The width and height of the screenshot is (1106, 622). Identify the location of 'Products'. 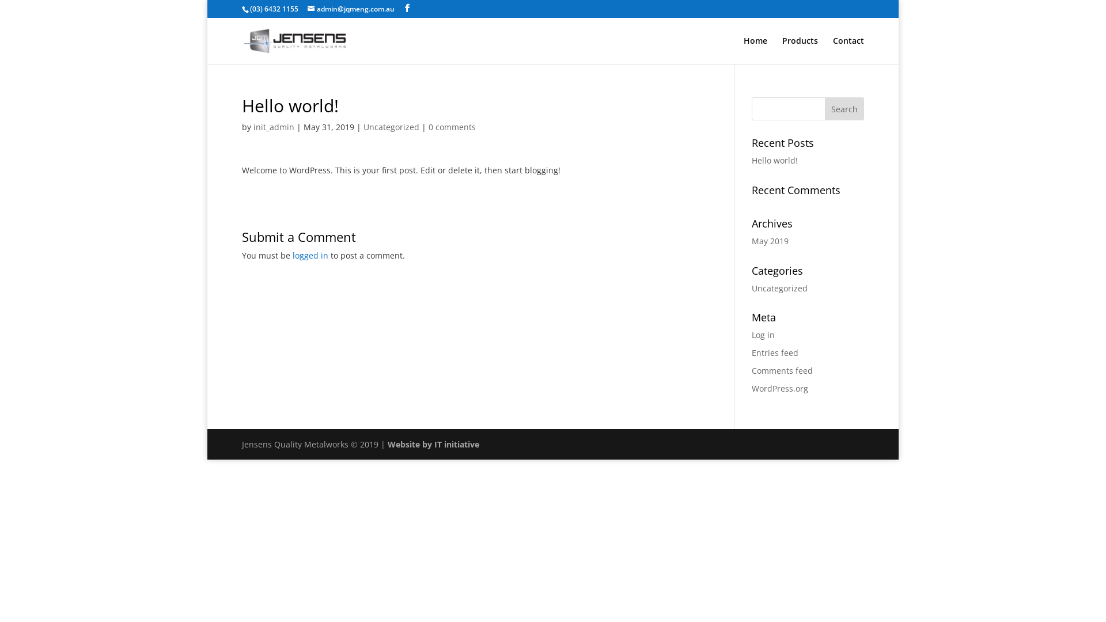
(782, 50).